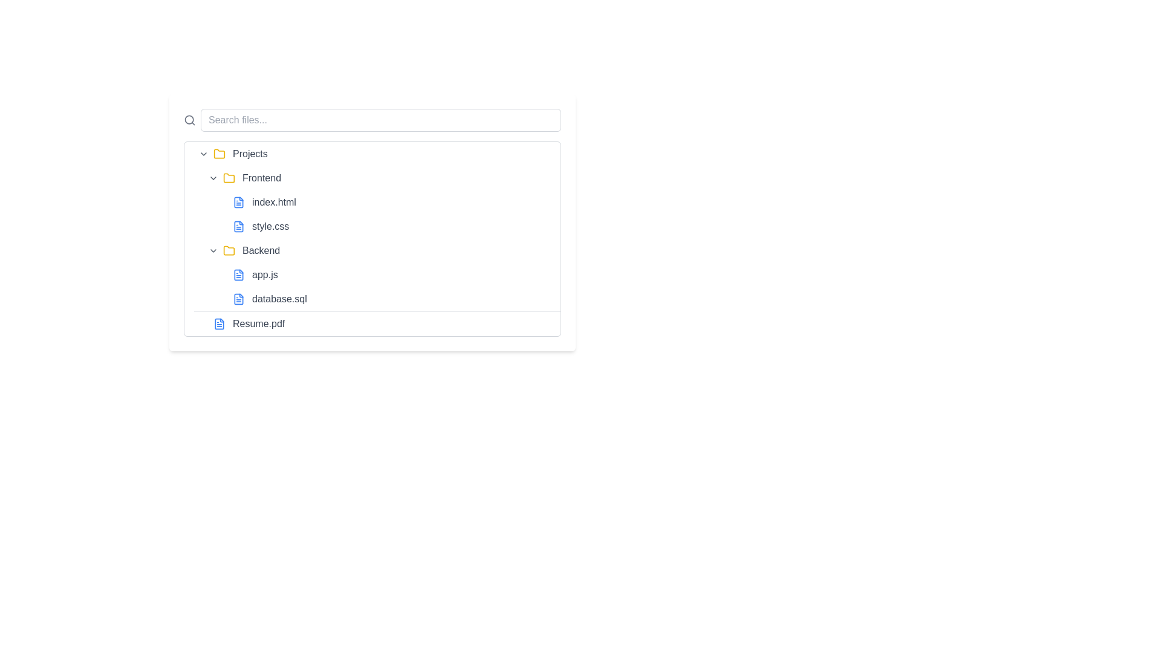 The image size is (1161, 653). What do you see at coordinates (189, 120) in the screenshot?
I see `the SVG circle graphic that is part of the larger magnifying glass icon located in the top-left region, to the left of the search input field` at bounding box center [189, 120].